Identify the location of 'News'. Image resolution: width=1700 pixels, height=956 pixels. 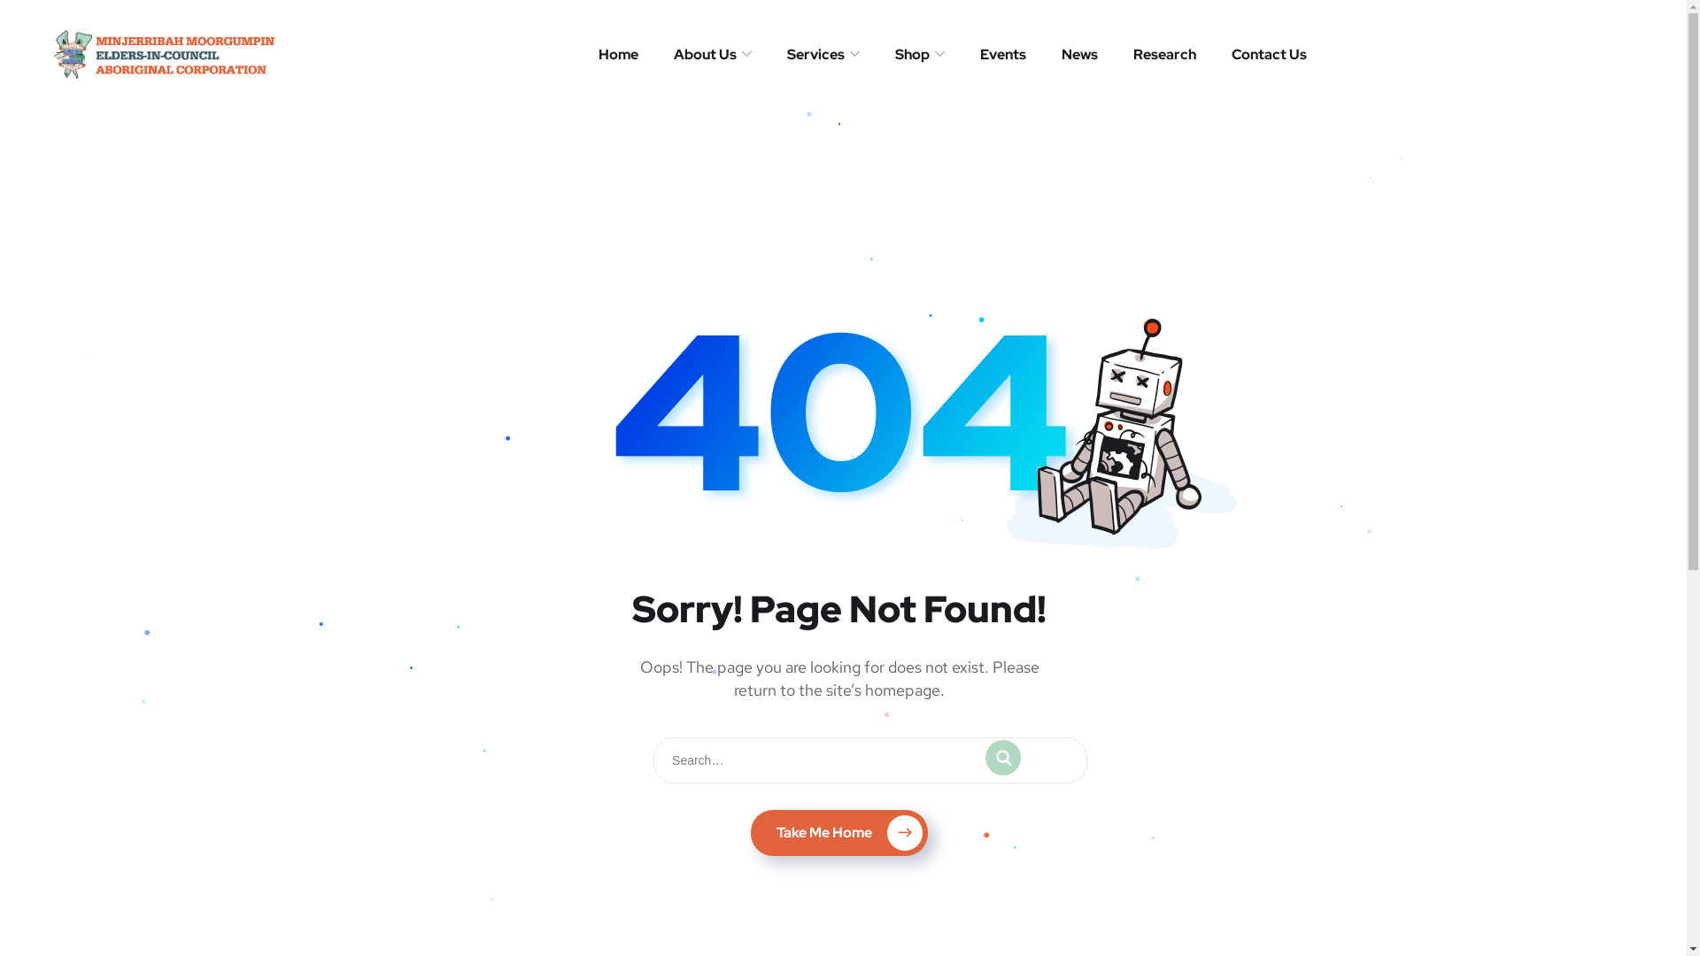
(1078, 53).